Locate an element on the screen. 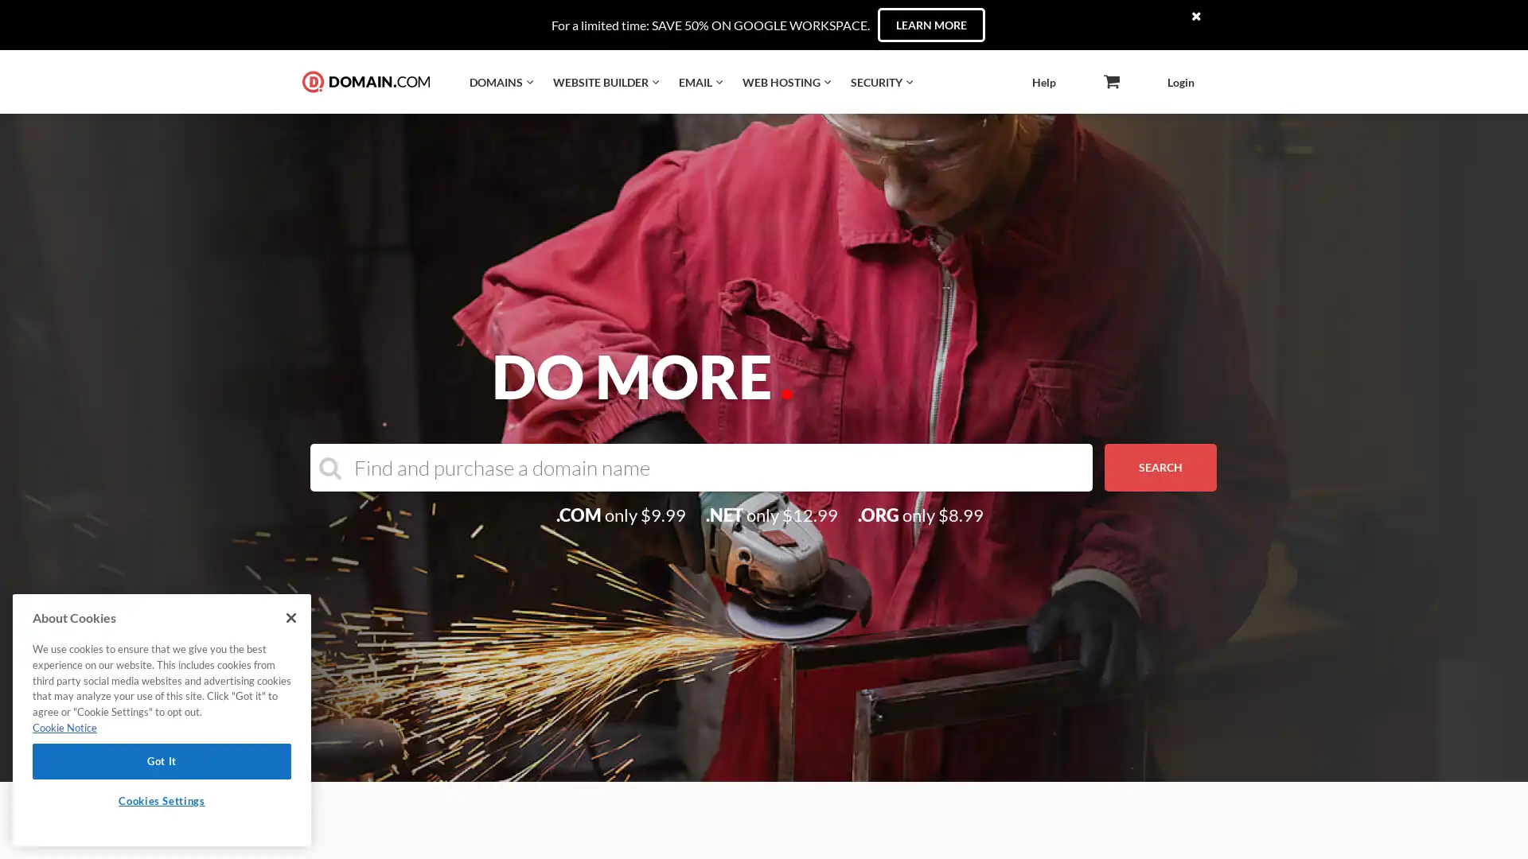 This screenshot has width=1528, height=859. times is located at coordinates (1196, 15).